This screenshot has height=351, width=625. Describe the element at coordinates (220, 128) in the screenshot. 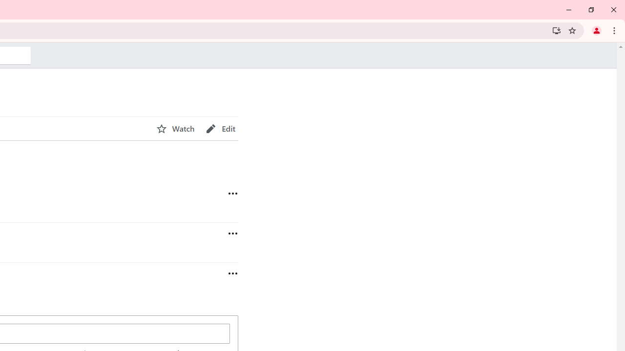

I see `'AutomationID: page-actions-edit'` at that location.